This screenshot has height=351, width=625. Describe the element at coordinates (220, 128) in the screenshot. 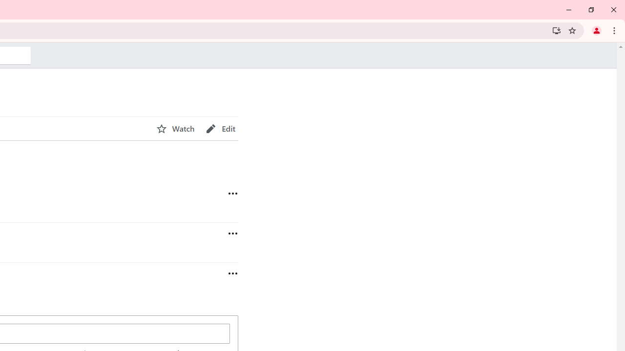

I see `'AutomationID: page-actions-edit'` at that location.